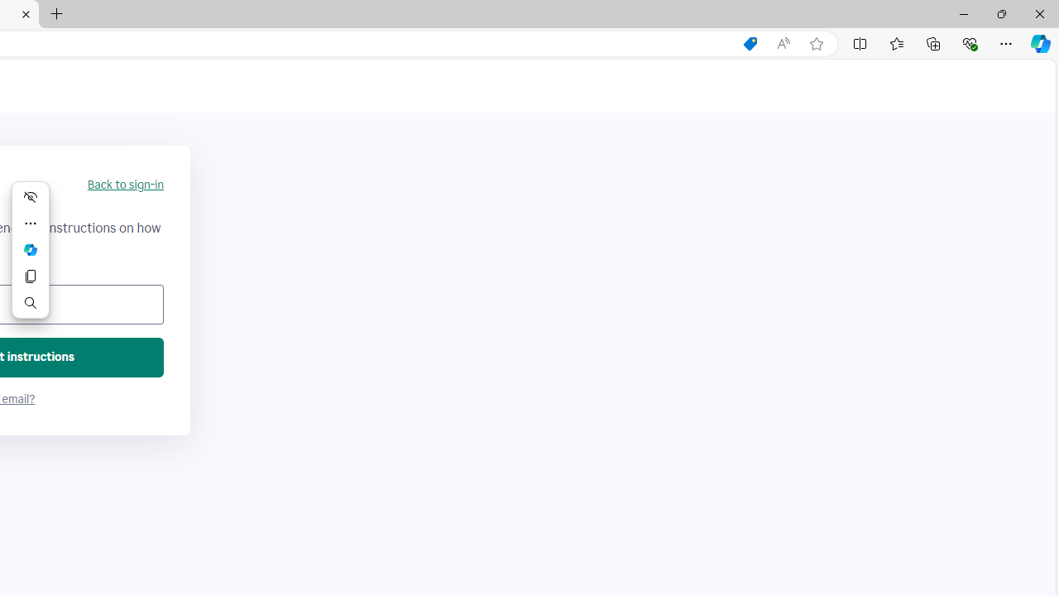 The width and height of the screenshot is (1059, 596). Describe the element at coordinates (31, 223) in the screenshot. I see `'More actions'` at that location.